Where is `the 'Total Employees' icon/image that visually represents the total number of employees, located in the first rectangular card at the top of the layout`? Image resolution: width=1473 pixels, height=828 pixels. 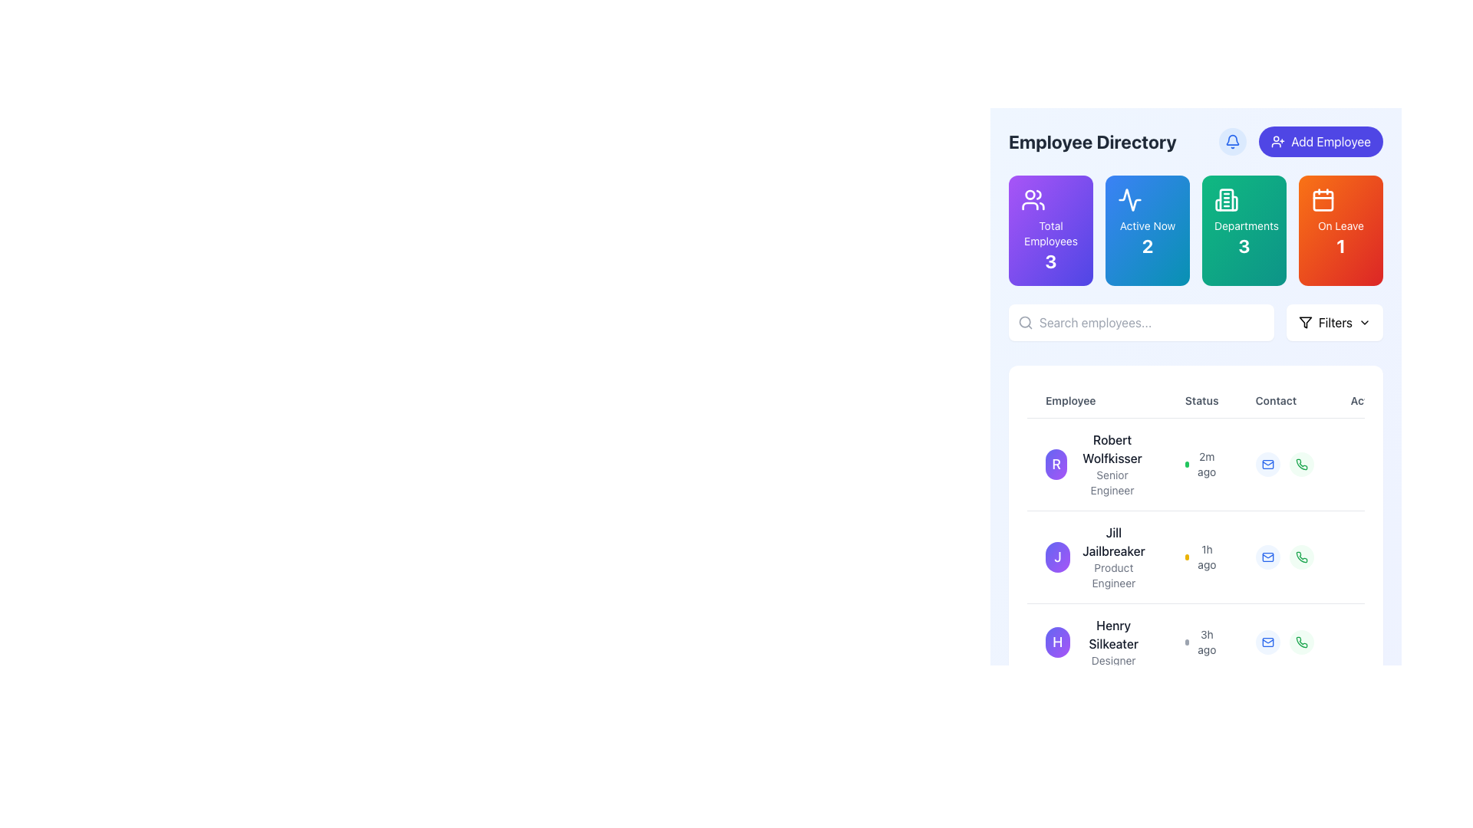 the 'Total Employees' icon/image that visually represents the total number of employees, located in the first rectangular card at the top of the layout is located at coordinates (1033, 199).